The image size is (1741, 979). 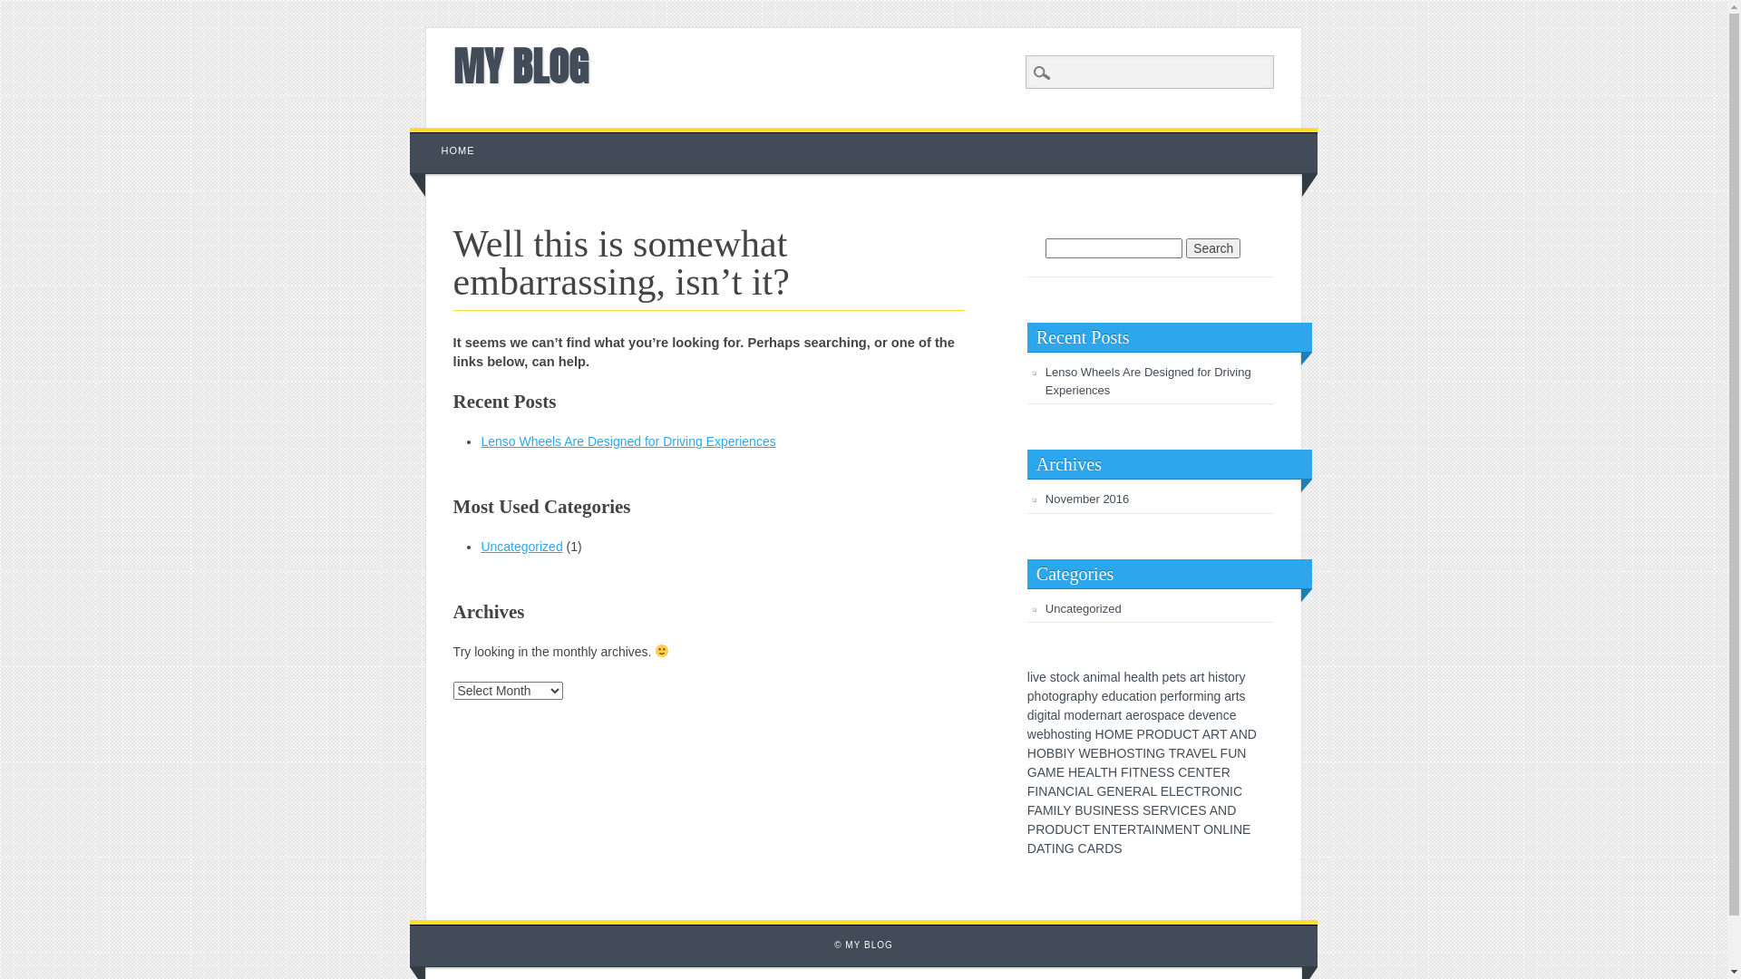 What do you see at coordinates (1082, 714) in the screenshot?
I see `'d'` at bounding box center [1082, 714].